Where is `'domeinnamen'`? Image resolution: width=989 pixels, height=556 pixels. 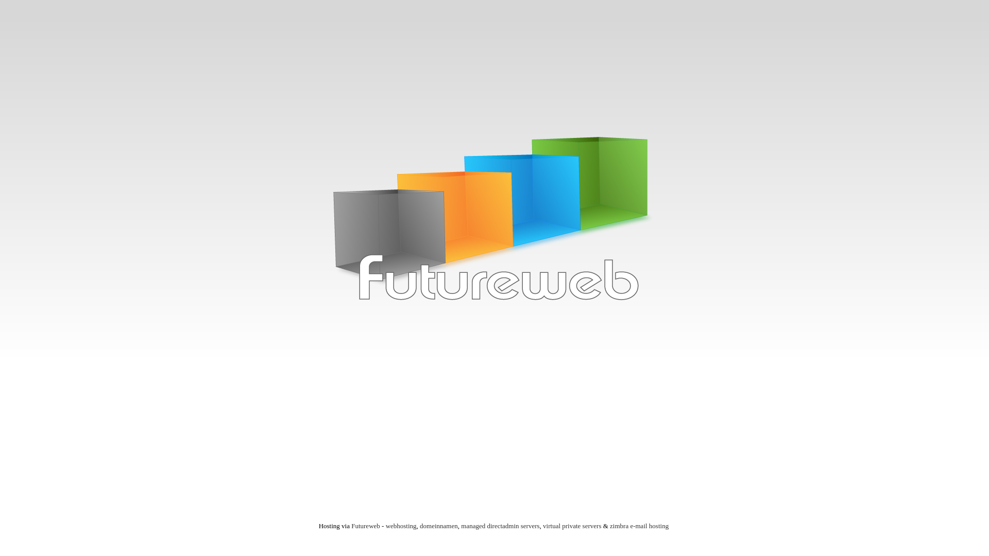 'domeinnamen' is located at coordinates (420, 526).